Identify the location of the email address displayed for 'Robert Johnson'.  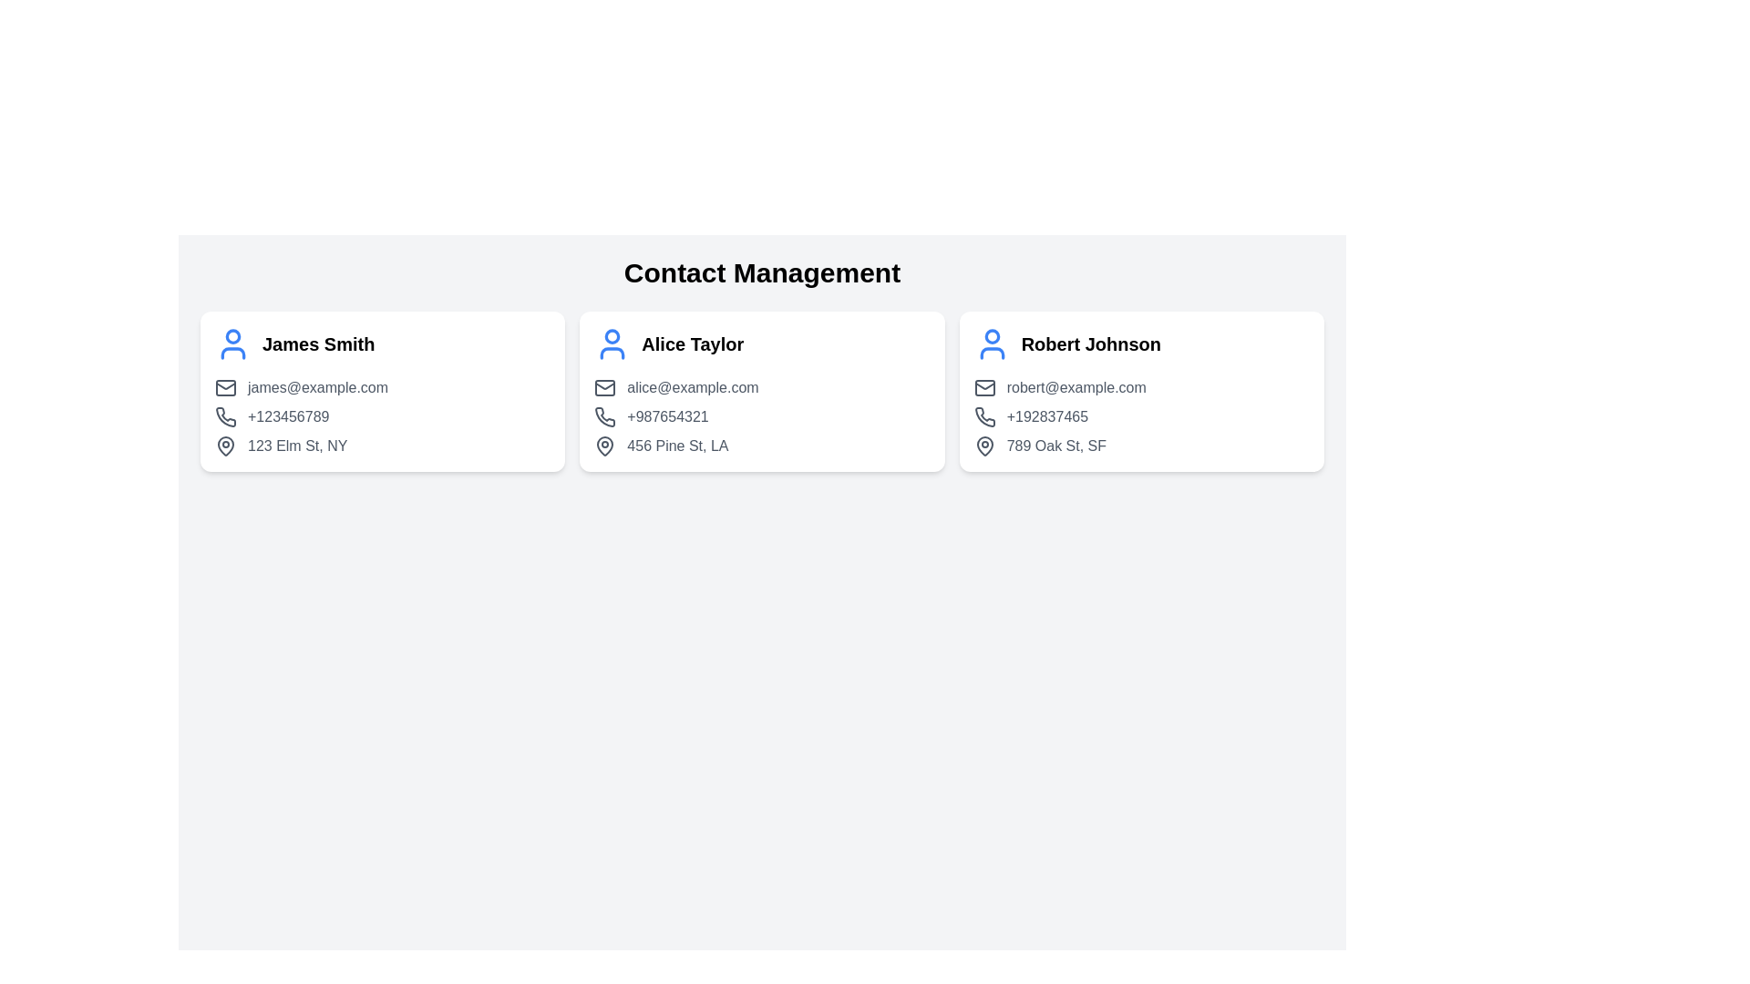
(1140, 386).